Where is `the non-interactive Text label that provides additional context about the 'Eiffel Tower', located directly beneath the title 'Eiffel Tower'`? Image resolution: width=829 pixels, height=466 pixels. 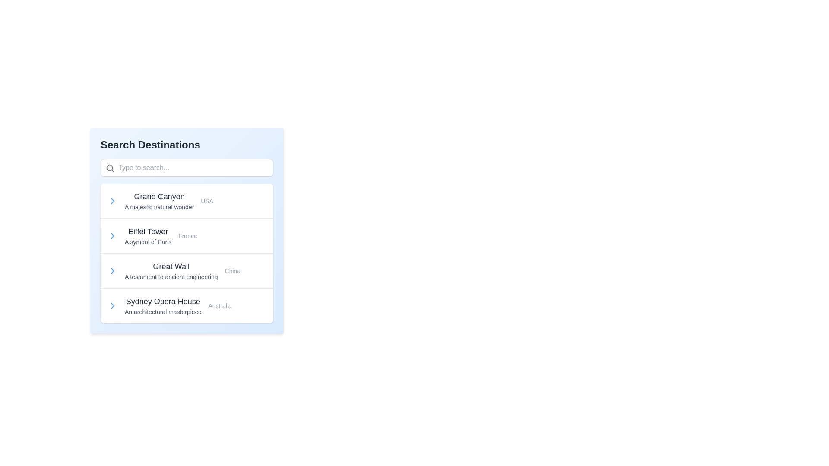
the non-interactive Text label that provides additional context about the 'Eiffel Tower', located directly beneath the title 'Eiffel Tower' is located at coordinates (148, 242).